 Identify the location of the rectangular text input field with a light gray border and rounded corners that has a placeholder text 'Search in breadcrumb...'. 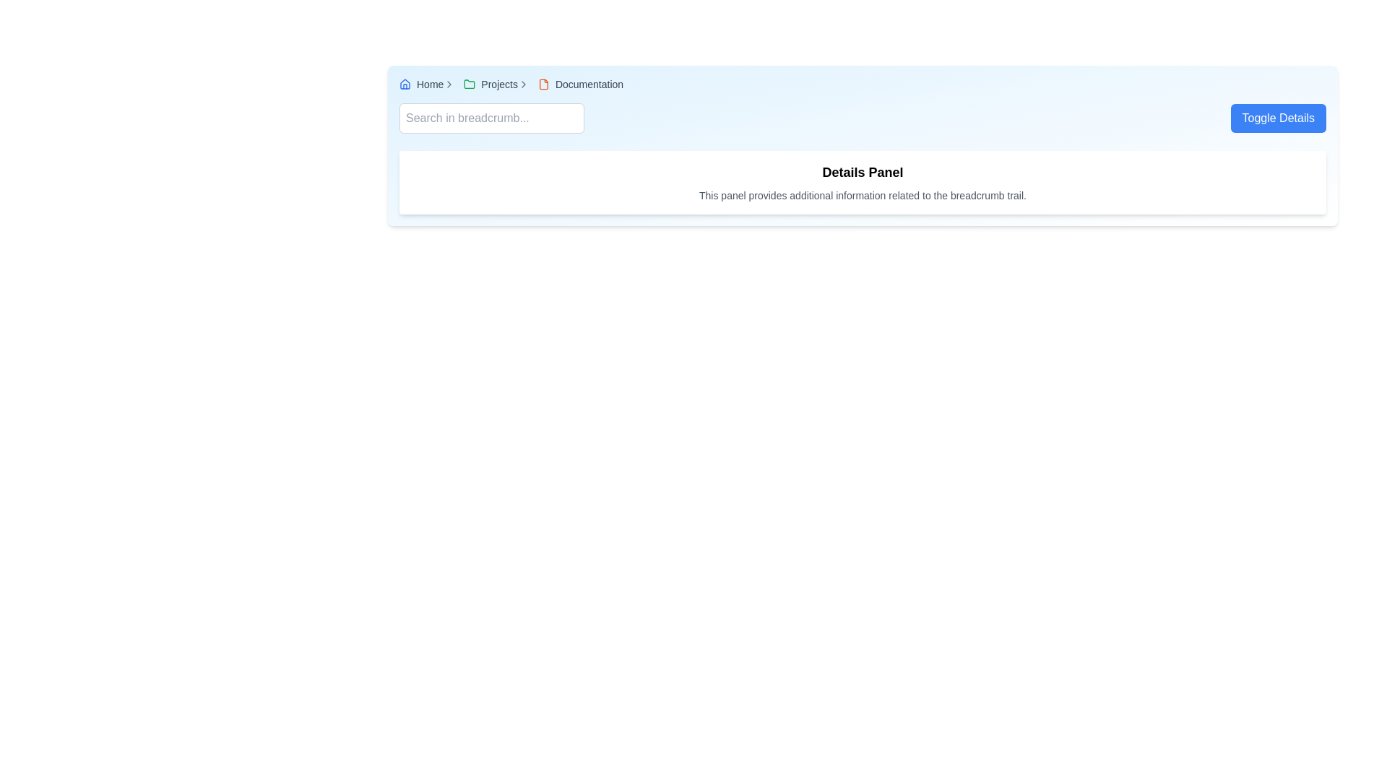
(492, 118).